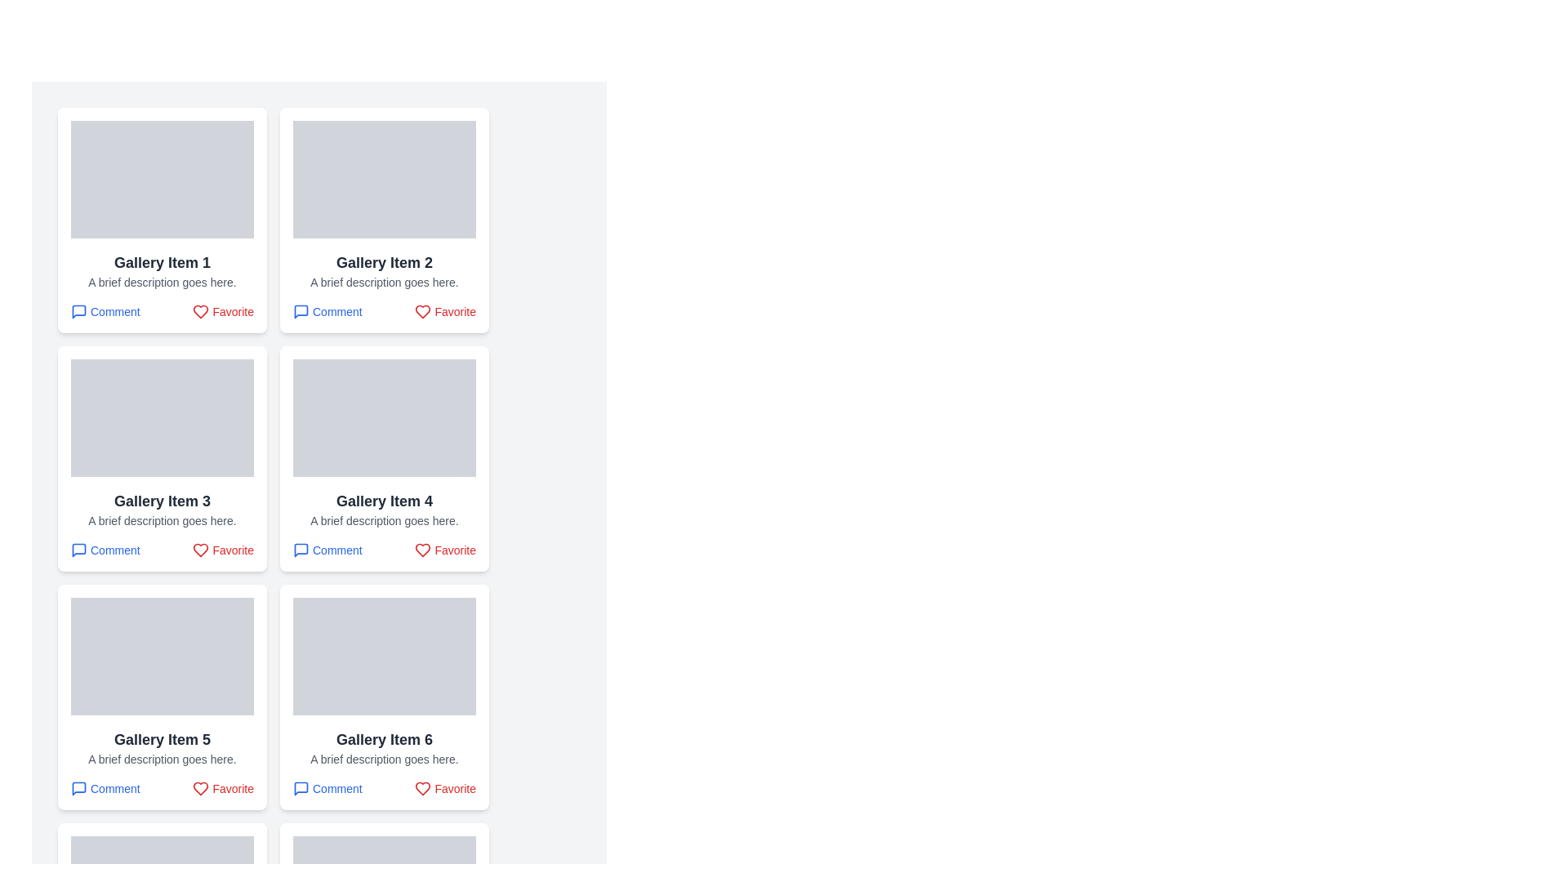  I want to click on the comment action icon located inside the 'Comment' grouping in the second card of the third row of the grid layout, so click(301, 550).